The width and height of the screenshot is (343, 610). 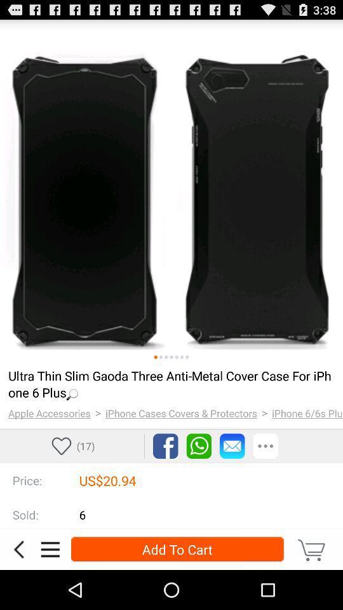 I want to click on see a different photo, so click(x=181, y=357).